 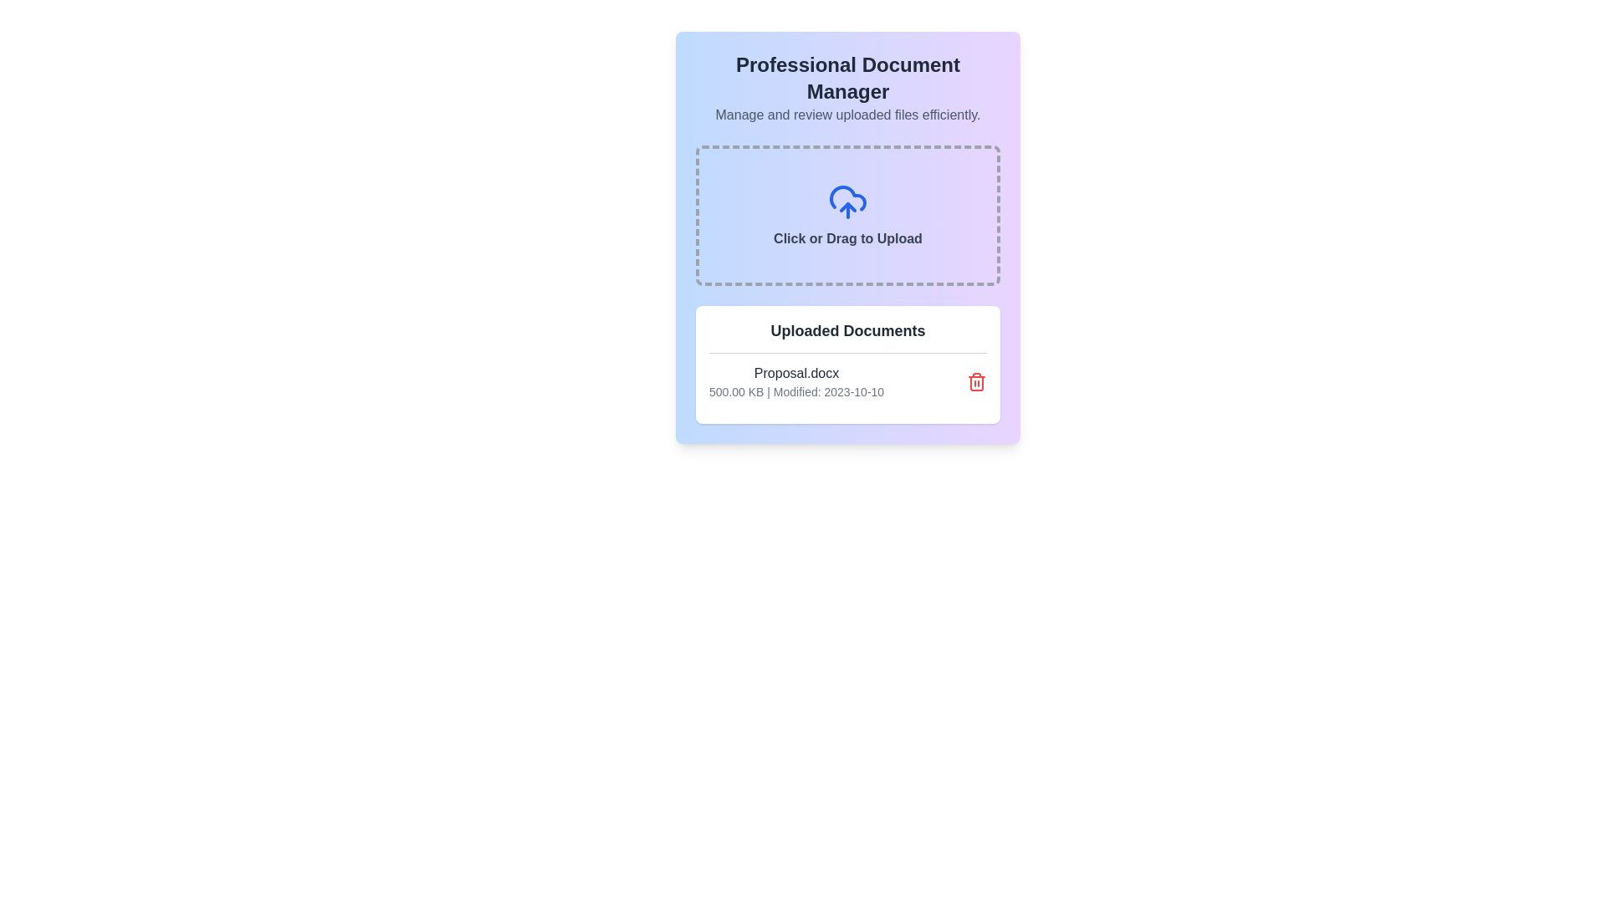 What do you see at coordinates (795, 381) in the screenshot?
I see `the text display element representing the uploaded document entry, which shows the file's details in the 'Uploaded Documents' section, located to the left of the red delete icon` at bounding box center [795, 381].